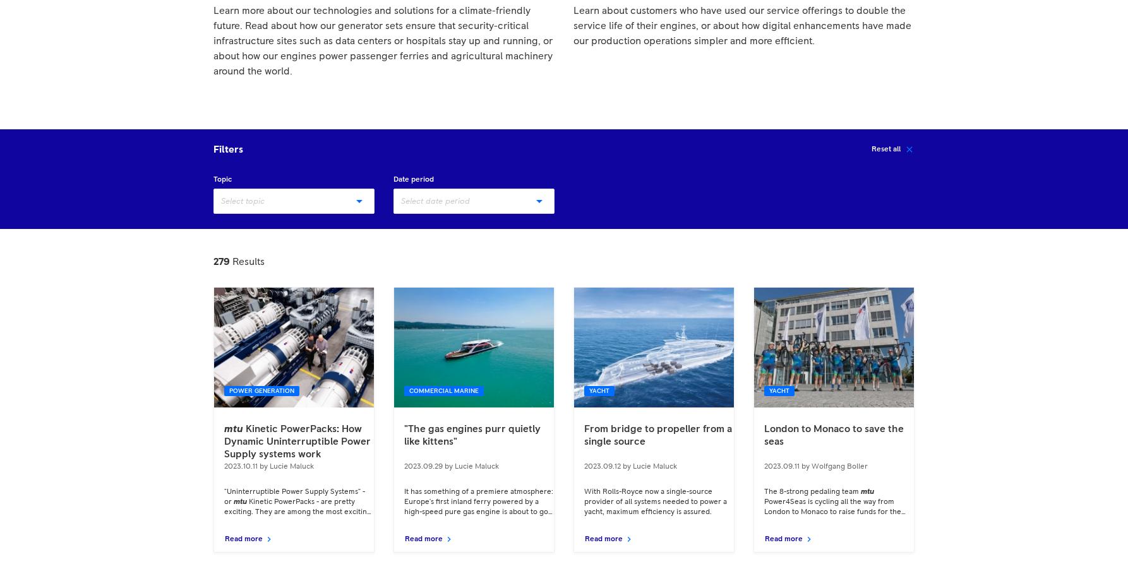 This screenshot has height=562, width=1128. I want to click on 'Learn more about our technologies and solutions for a climate-friendly future. Read about how our generator sets ensure that security-critical infrastructure sites such as data centers or hospitals stay up and running, or about how our engines power passenger ferries and agricultural machinery around the world.', so click(383, 41).